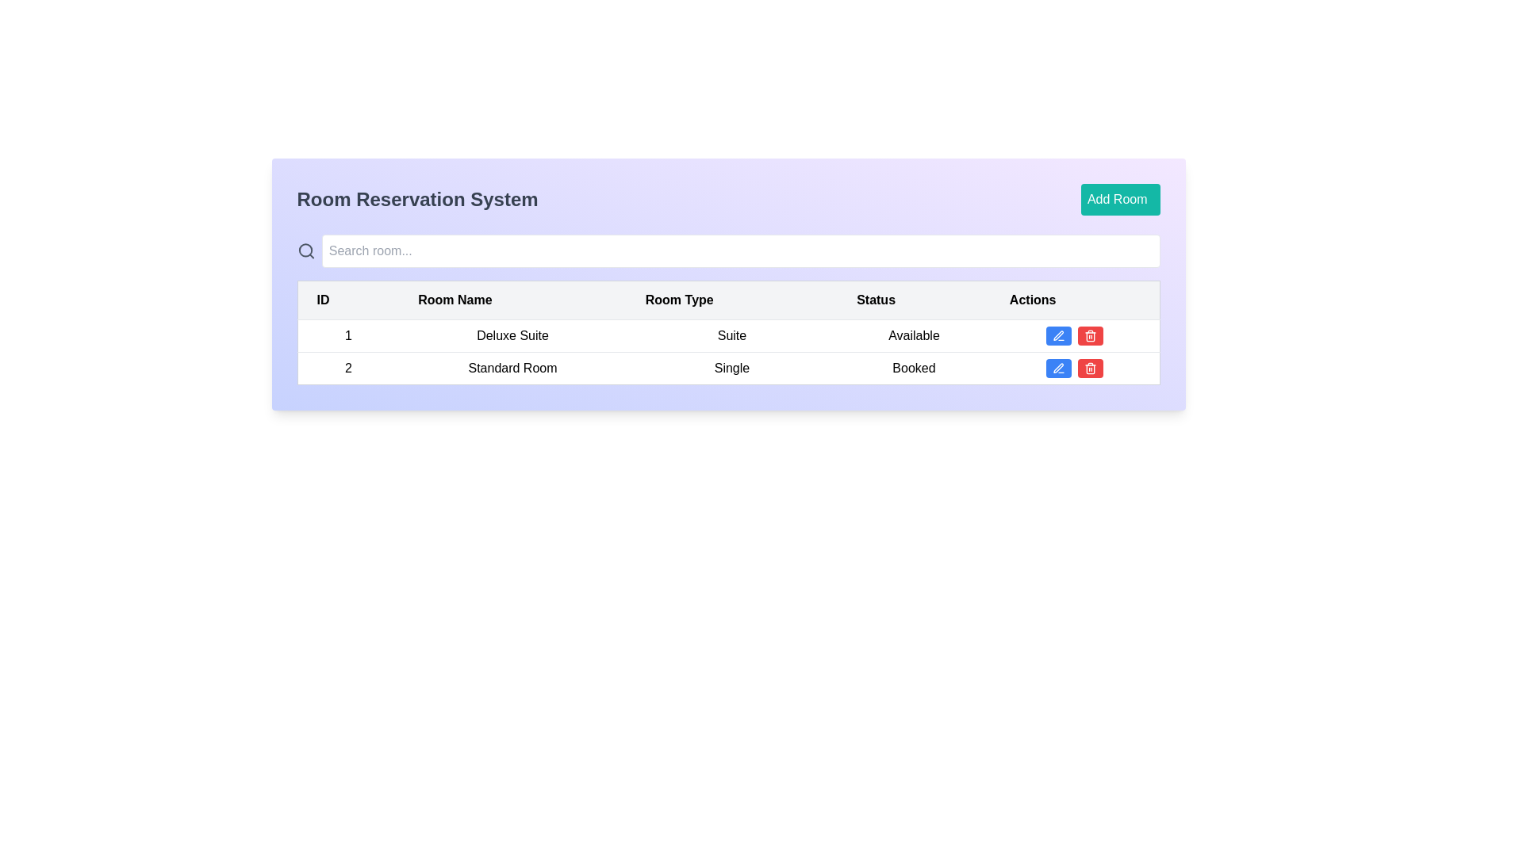  I want to click on the 'Booked' status text label located in the fourth column of the second row, adjacent to 'Single', so click(914, 369).